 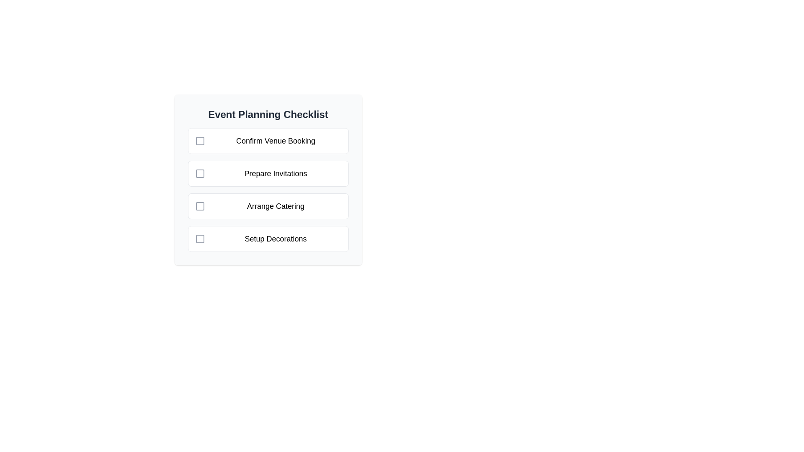 I want to click on the static text label for the first checklist item in the 'Event Planning Checklist', which is positioned below the checklist title, so click(x=276, y=140).